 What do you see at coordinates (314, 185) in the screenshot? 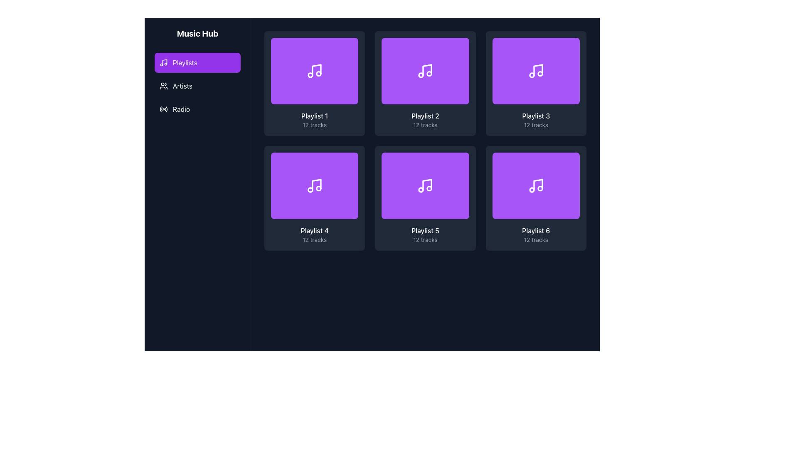
I see `the musical note icon within the 'Playlist 4' card` at bounding box center [314, 185].